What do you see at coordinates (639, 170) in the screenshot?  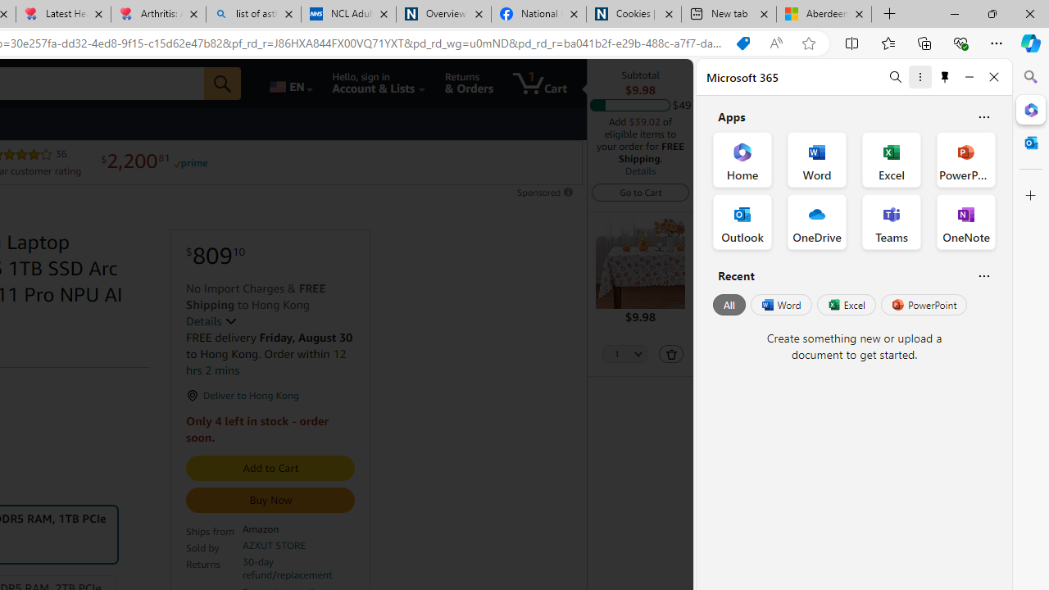 I see `'Details'` at bounding box center [639, 170].